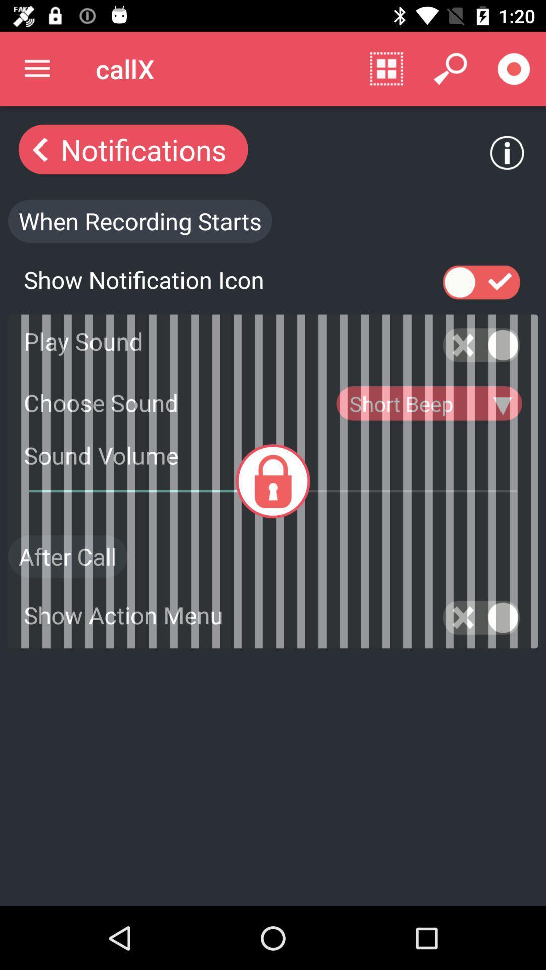  What do you see at coordinates (498, 152) in the screenshot?
I see `the info icon` at bounding box center [498, 152].